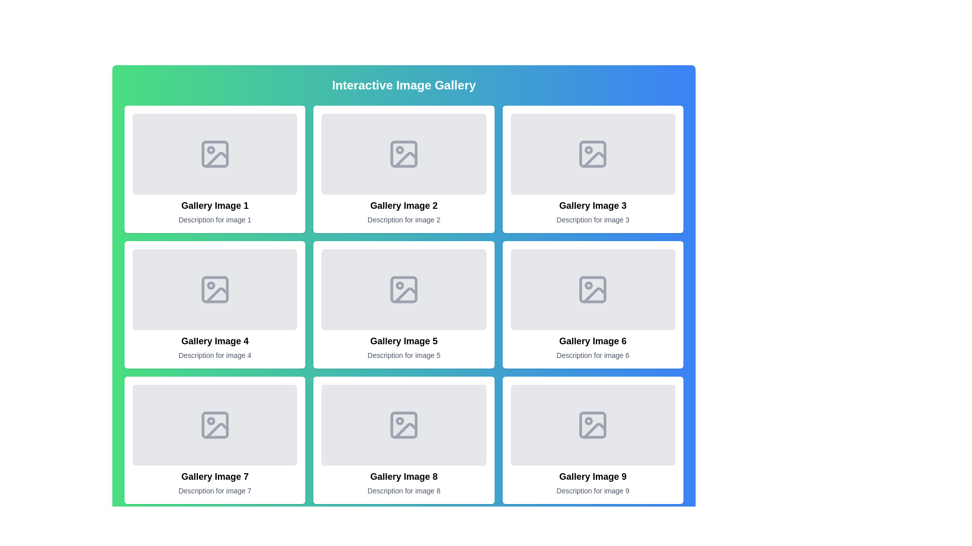 This screenshot has height=546, width=972. What do you see at coordinates (593, 425) in the screenshot?
I see `the SVG image placeholder located in the ninth cell of a 3x3 grid, which visually represents an image placeholder above the text labeled 'Gallery Image 9'` at bounding box center [593, 425].